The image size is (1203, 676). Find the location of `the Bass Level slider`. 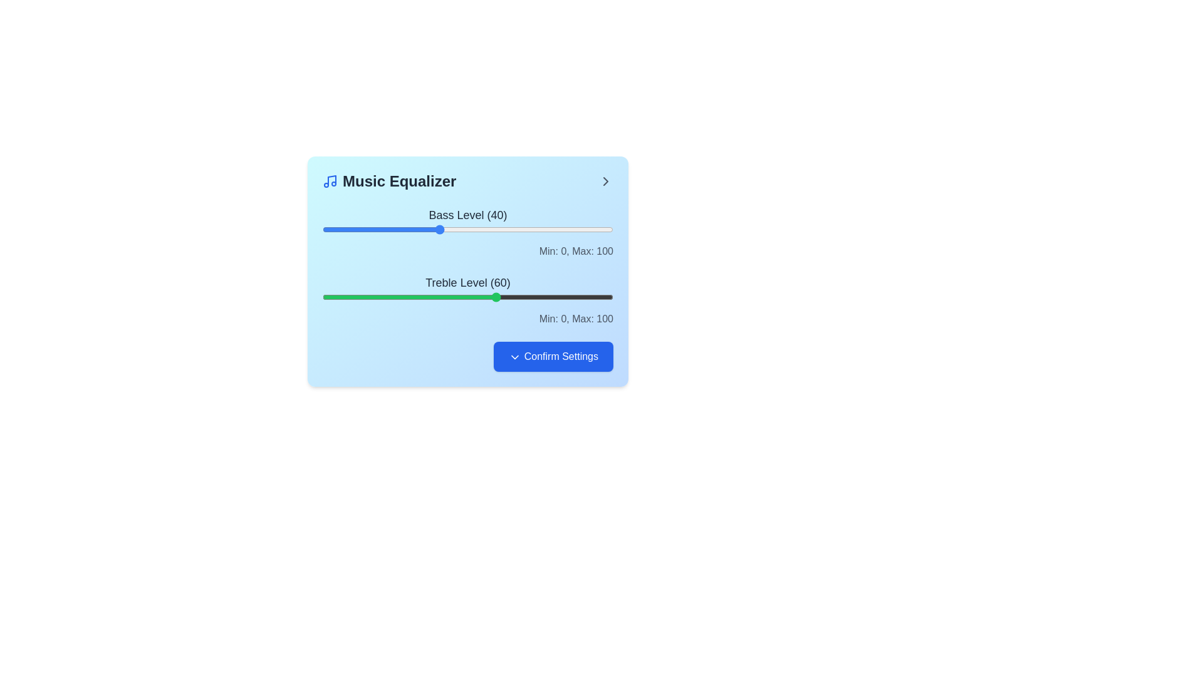

the Bass Level slider is located at coordinates (459, 229).